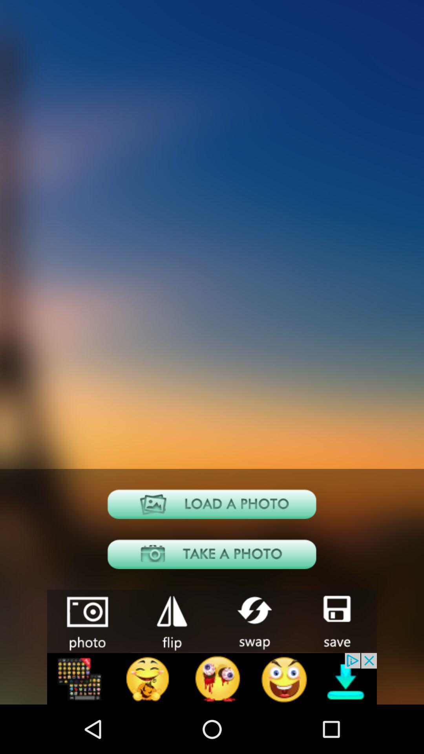 This screenshot has width=424, height=754. What do you see at coordinates (170, 620) in the screenshot?
I see `shoping in the app` at bounding box center [170, 620].